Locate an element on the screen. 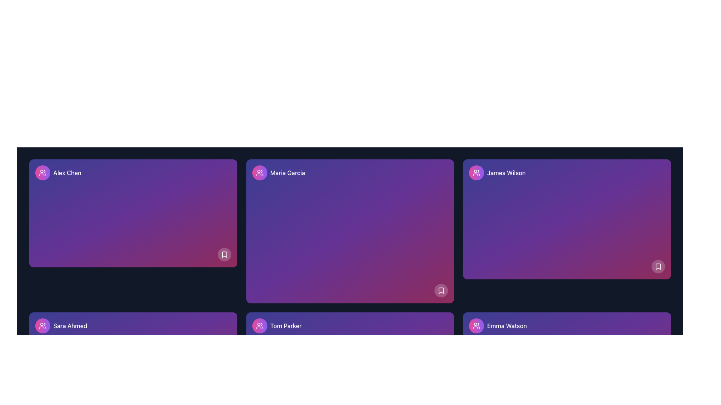 The image size is (721, 405). the user icon represented by two generic humanoid figures with a white stroke on a transparent background, located at the top-left corner of a circular gradient background blending pink and violet is located at coordinates (42, 173).